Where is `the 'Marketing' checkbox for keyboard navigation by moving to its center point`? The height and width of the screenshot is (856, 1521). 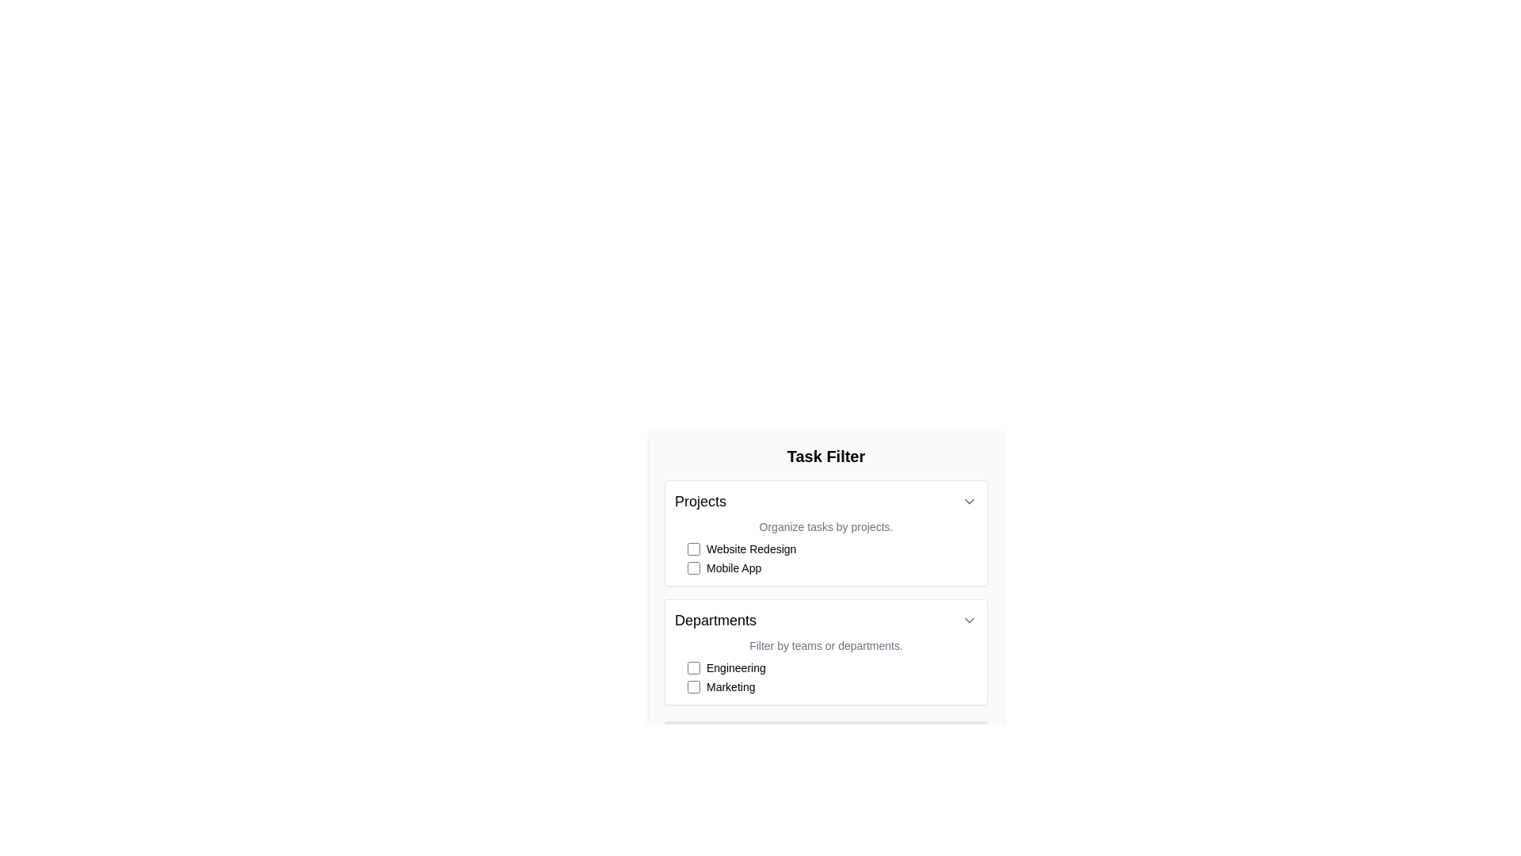
the 'Marketing' checkbox for keyboard navigation by moving to its center point is located at coordinates (832, 686).